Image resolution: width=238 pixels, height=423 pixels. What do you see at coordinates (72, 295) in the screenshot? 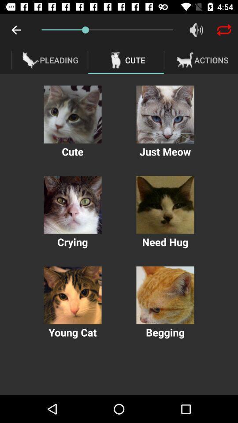
I see `option` at bounding box center [72, 295].